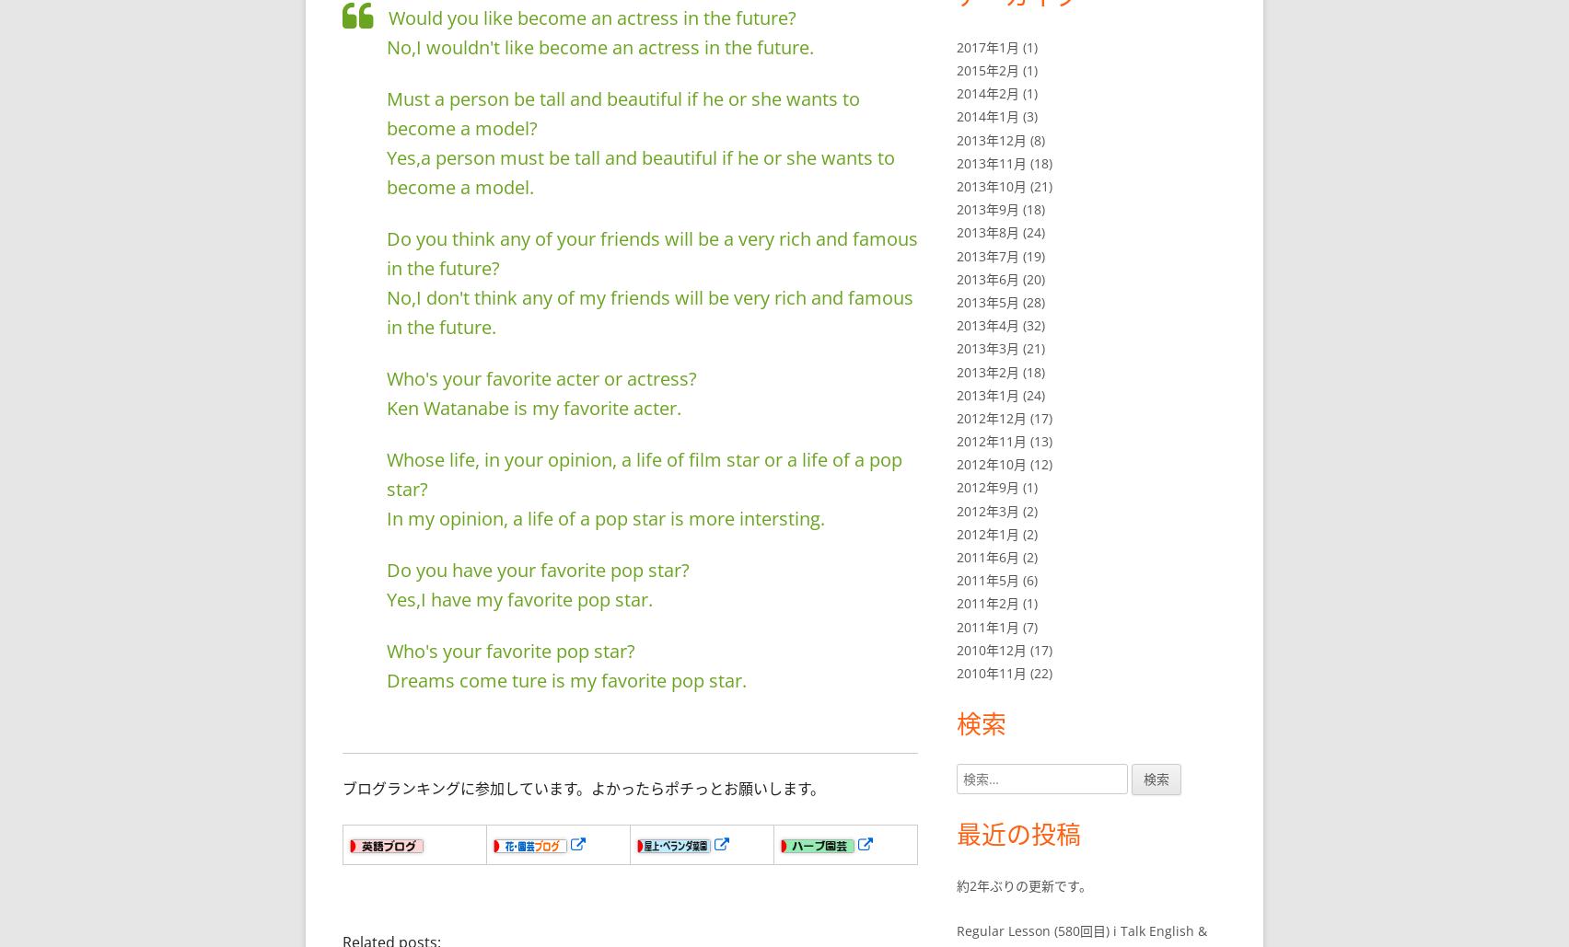 This screenshot has width=1569, height=947. I want to click on 'Dreams come ture is my favorite pop star.', so click(566, 679).